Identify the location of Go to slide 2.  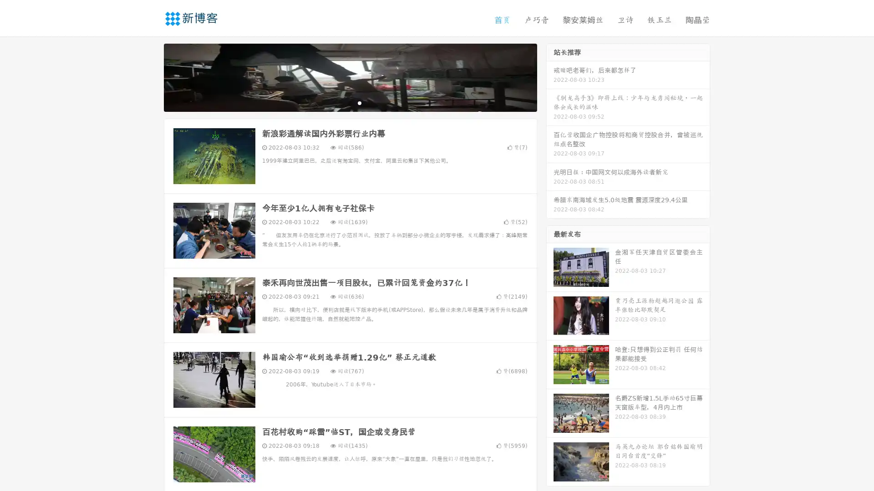
(350, 102).